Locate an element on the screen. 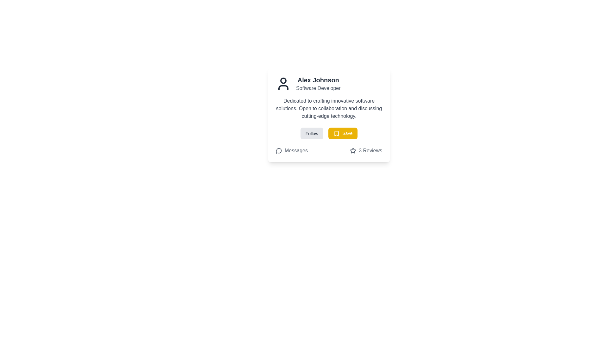  the 'Messages' text label, which is displayed in gray and styled with a sans-serif font is located at coordinates (296, 151).